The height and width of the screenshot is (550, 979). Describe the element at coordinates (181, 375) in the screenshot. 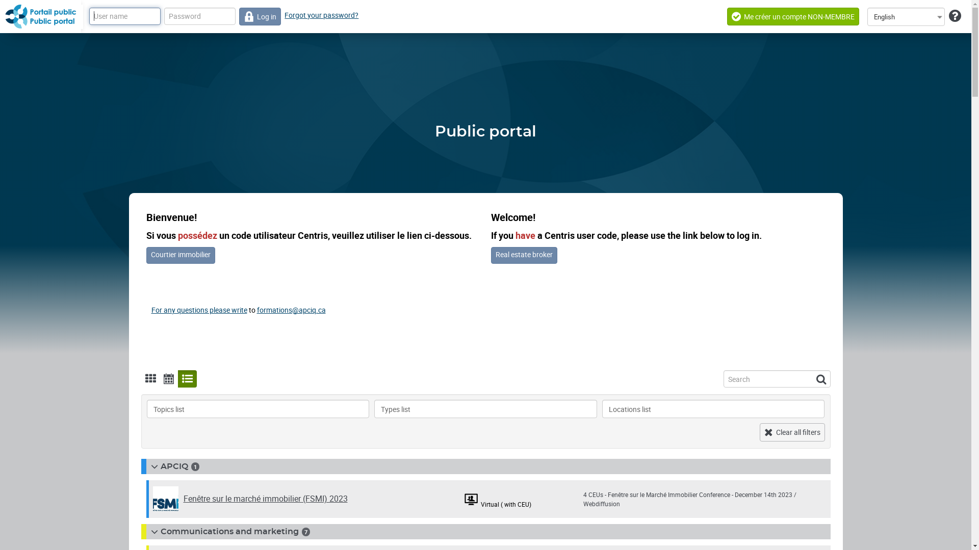

I see `'Display list'` at that location.